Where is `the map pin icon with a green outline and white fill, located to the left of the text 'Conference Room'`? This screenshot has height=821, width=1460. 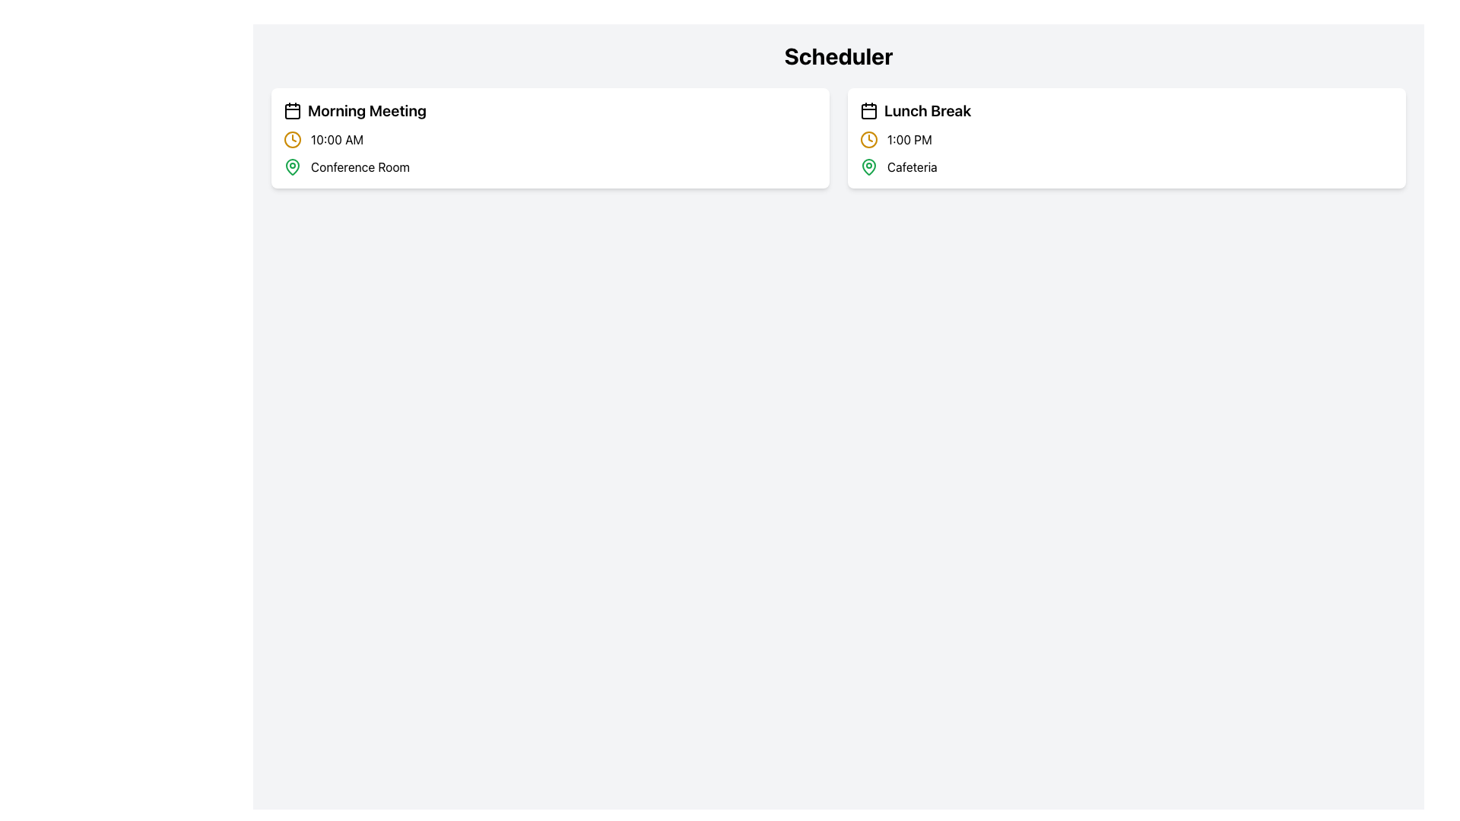 the map pin icon with a green outline and white fill, located to the left of the text 'Conference Room' is located at coordinates (292, 166).